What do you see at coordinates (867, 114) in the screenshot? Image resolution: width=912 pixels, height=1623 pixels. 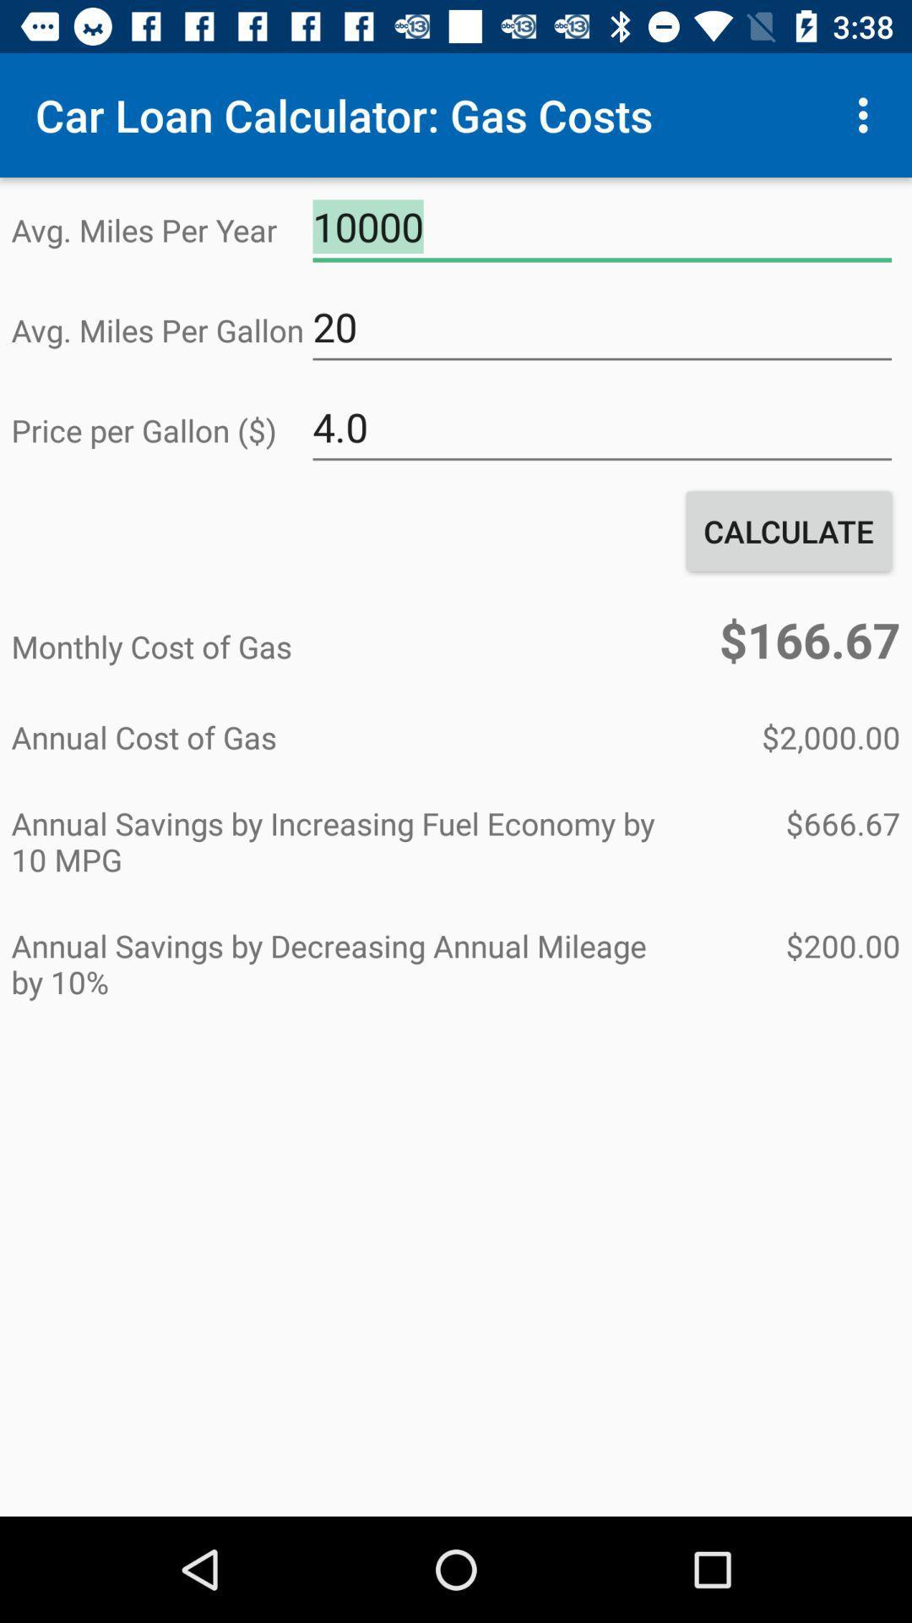 I see `item next to the car loan calculator icon` at bounding box center [867, 114].